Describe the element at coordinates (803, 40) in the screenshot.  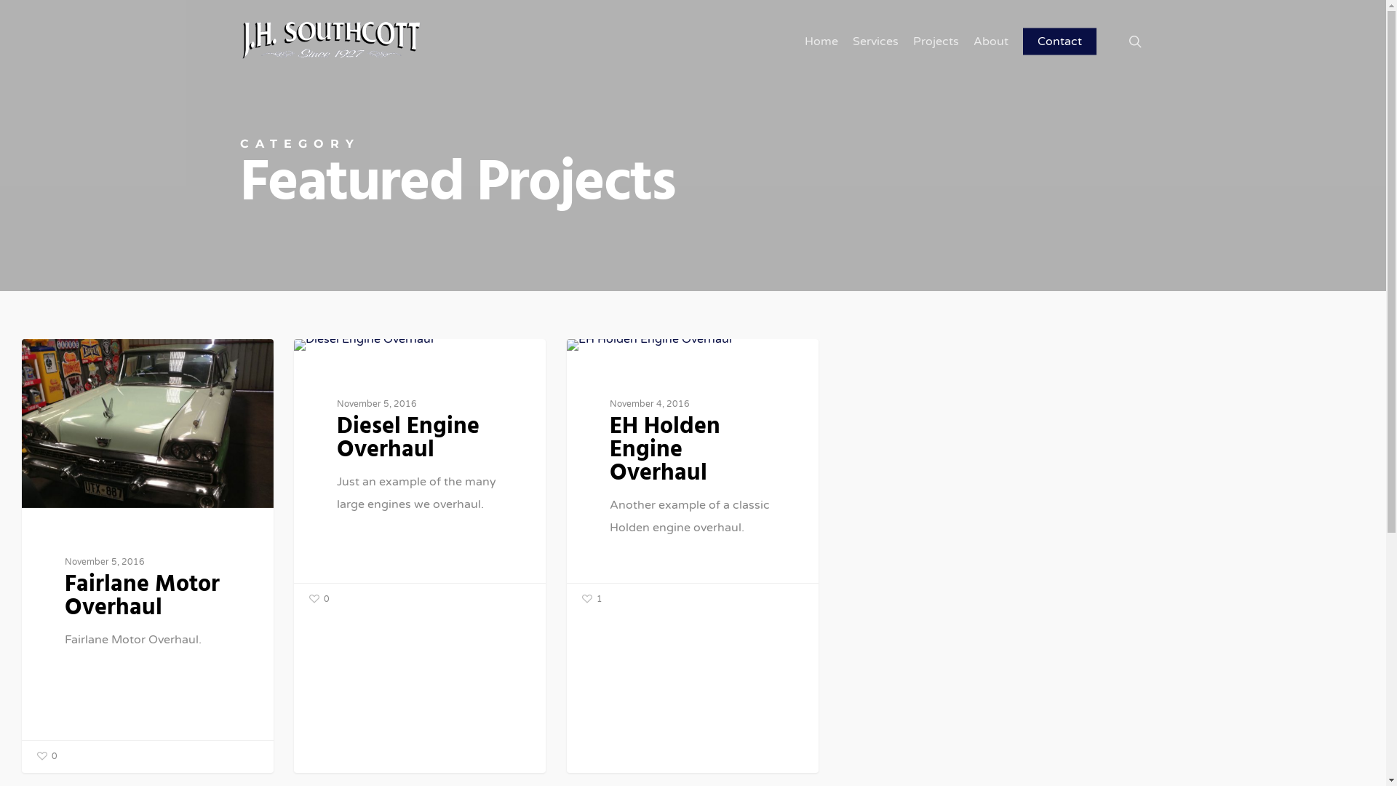
I see `'Home'` at that location.